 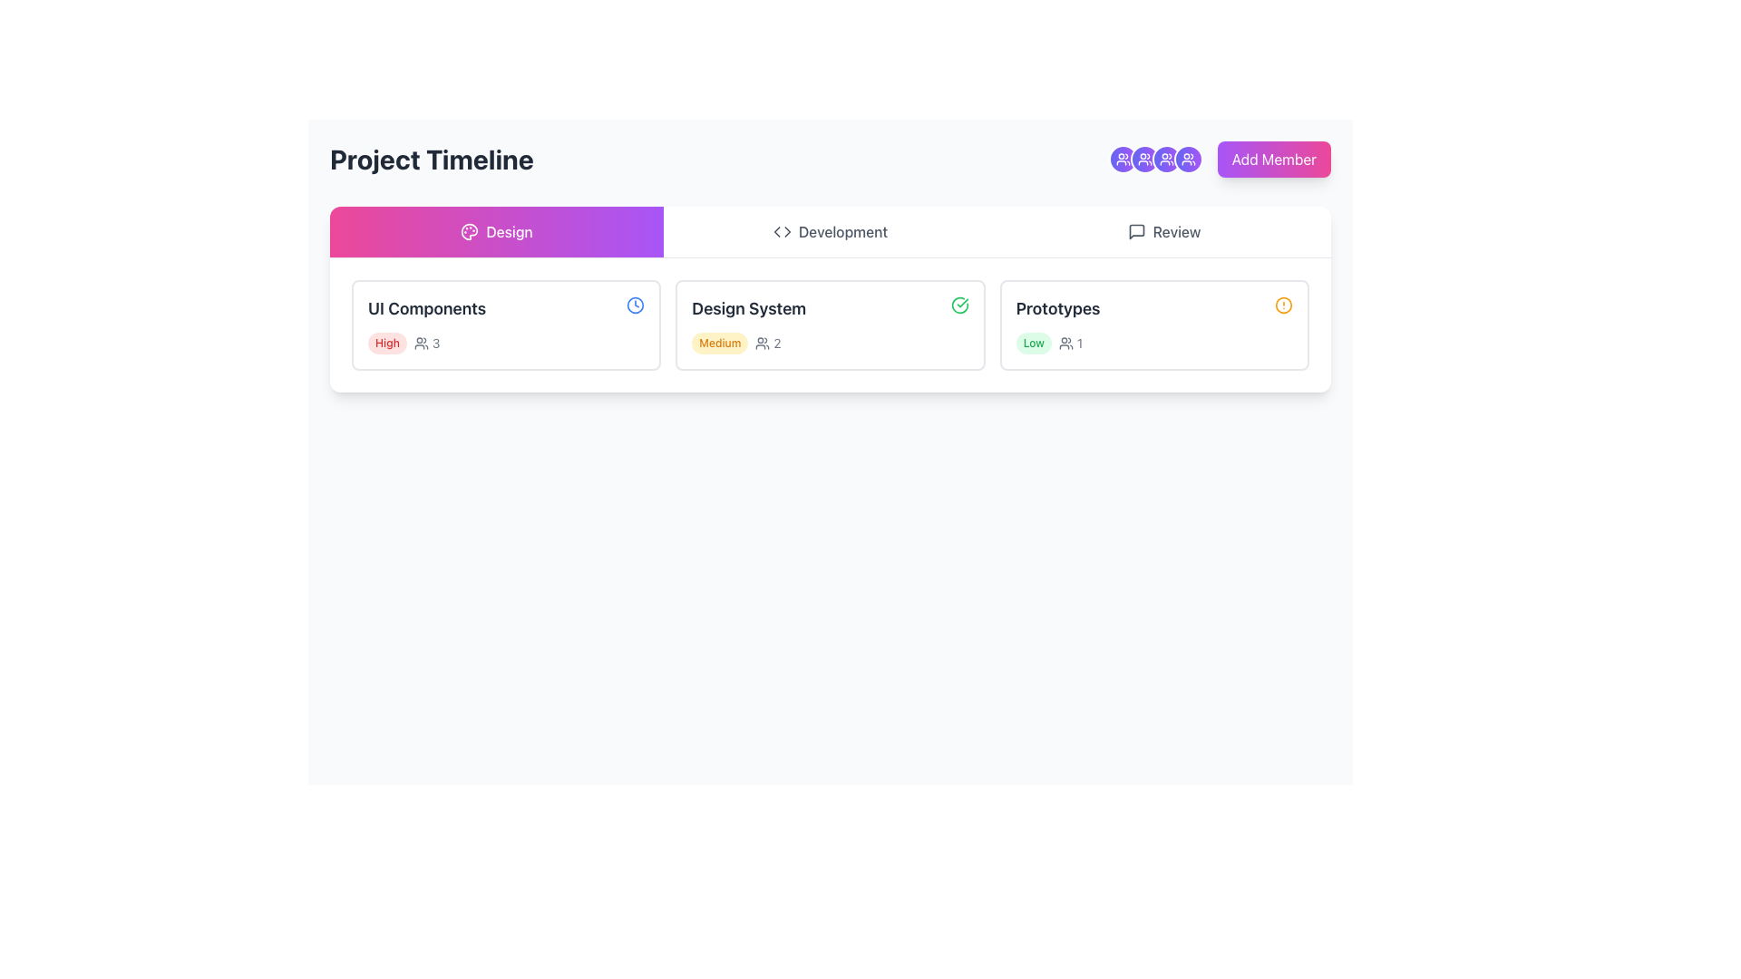 What do you see at coordinates (958, 304) in the screenshot?
I see `the circular green icon with a hollow checkmark located to the right of the 'Design System' text in the second card of the list` at bounding box center [958, 304].